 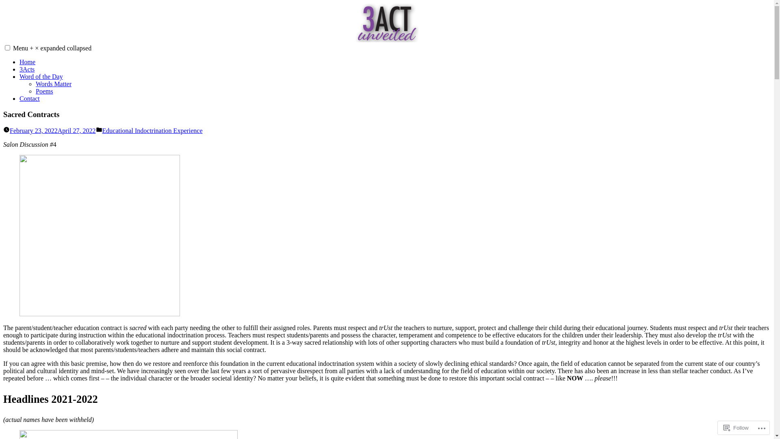 What do you see at coordinates (35, 91) in the screenshot?
I see `'Poems'` at bounding box center [35, 91].